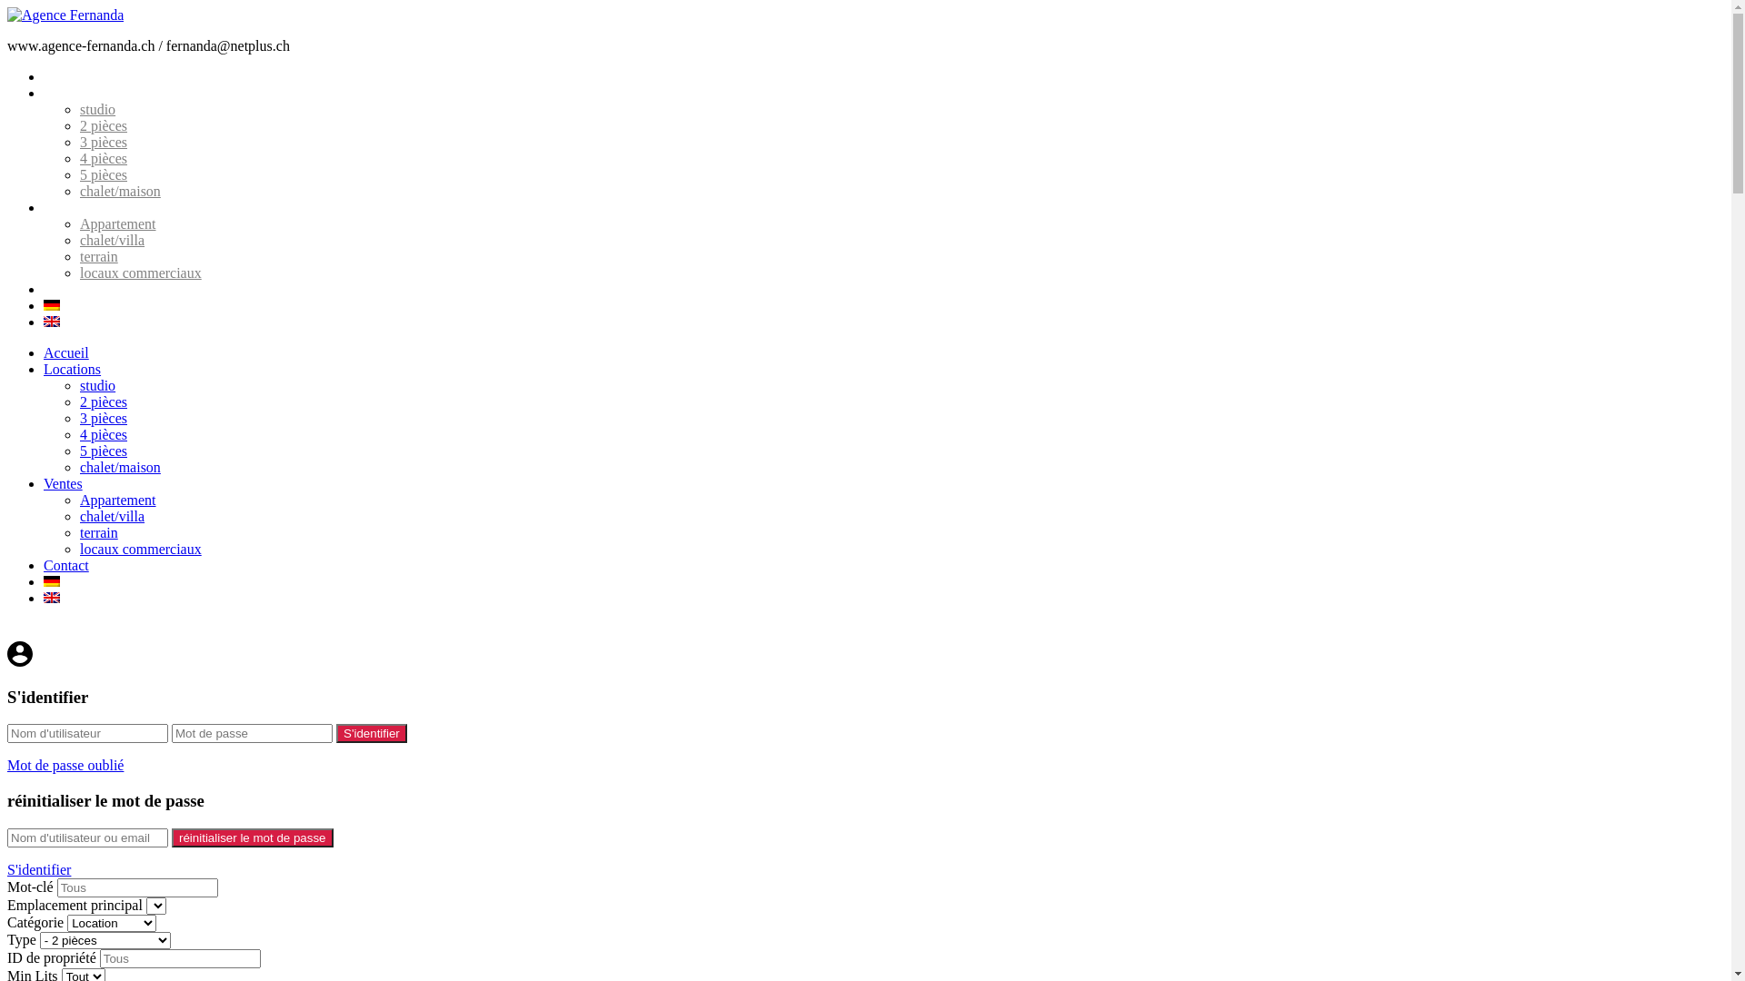 The width and height of the screenshot is (1745, 981). I want to click on 'chalet/villa', so click(111, 239).